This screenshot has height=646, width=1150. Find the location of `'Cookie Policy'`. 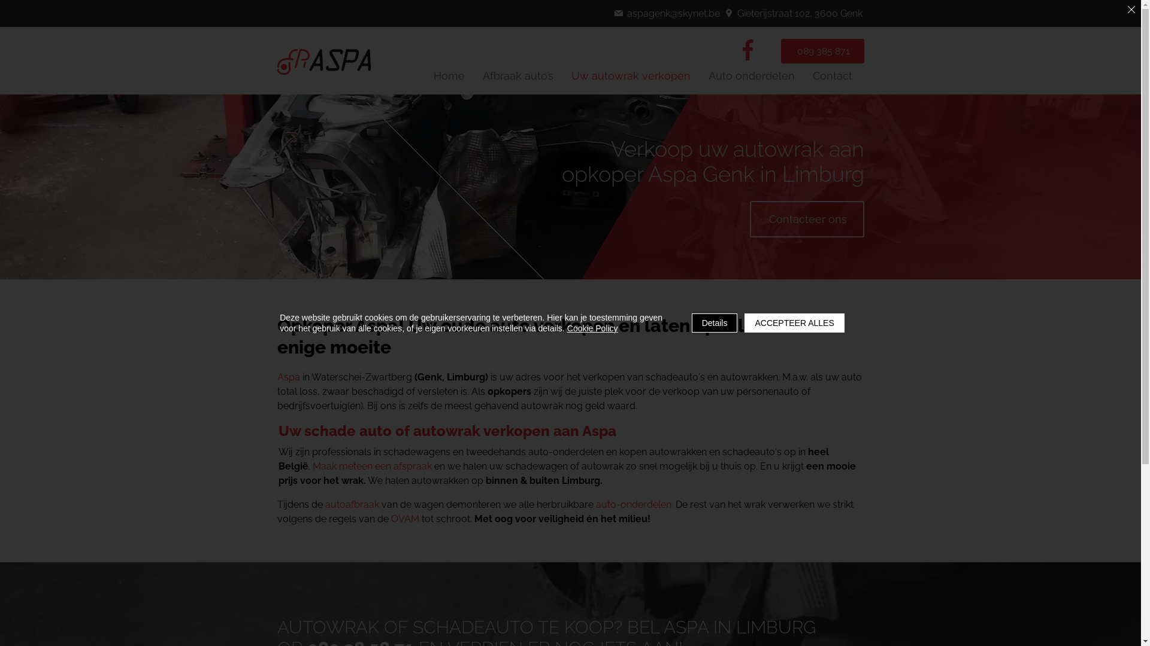

'Cookie Policy' is located at coordinates (592, 328).